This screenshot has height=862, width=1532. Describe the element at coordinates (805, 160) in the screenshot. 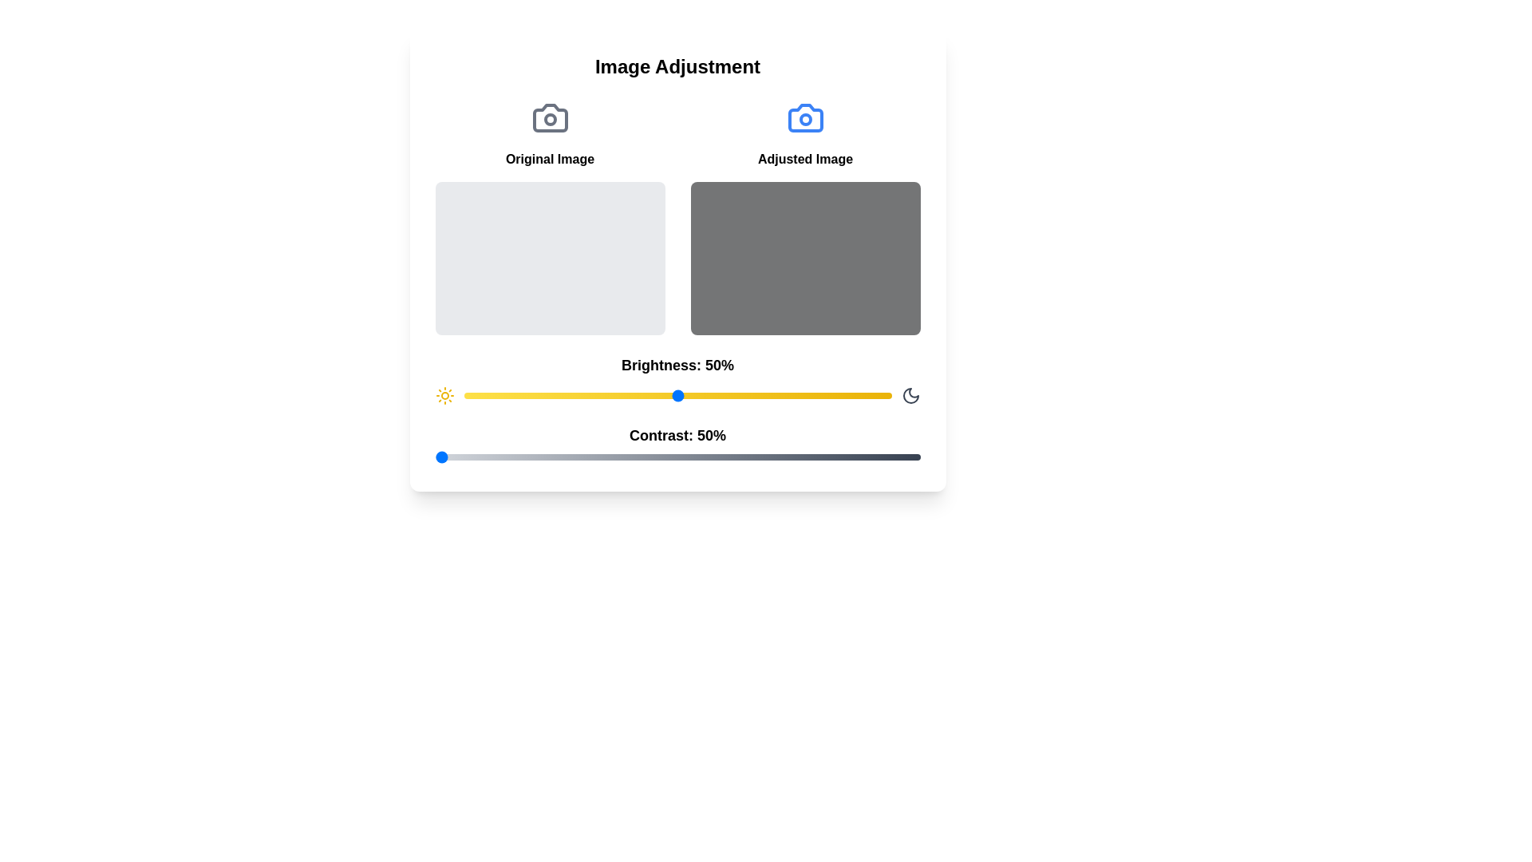

I see `bold text label 'Adjusted Image' which is centrally aligned above a dark gray rectangular area and below a blue camera icon` at that location.